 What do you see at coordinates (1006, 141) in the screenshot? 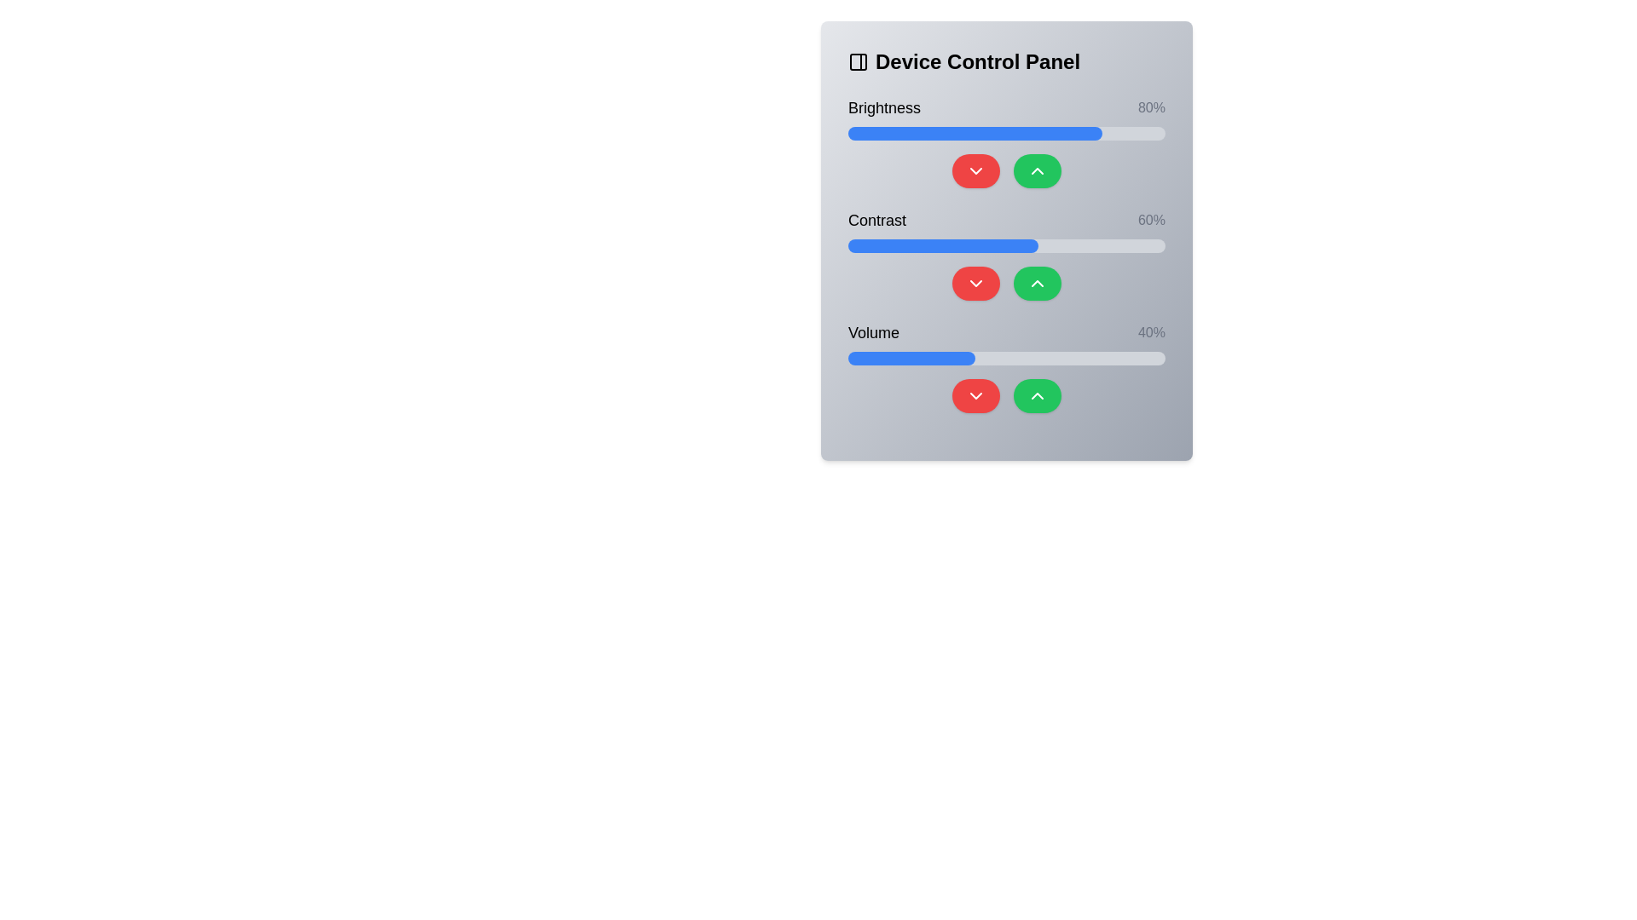
I see `the first Progress Bar with Controls to visualize the progress indicator` at bounding box center [1006, 141].